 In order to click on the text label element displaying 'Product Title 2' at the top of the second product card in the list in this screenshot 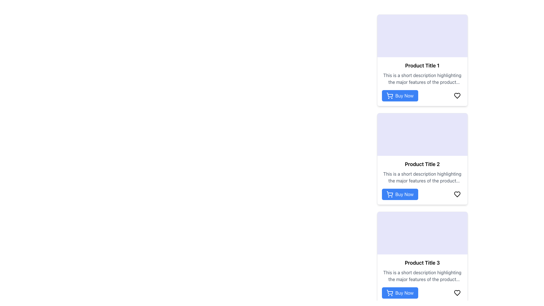, I will do `click(422, 164)`.